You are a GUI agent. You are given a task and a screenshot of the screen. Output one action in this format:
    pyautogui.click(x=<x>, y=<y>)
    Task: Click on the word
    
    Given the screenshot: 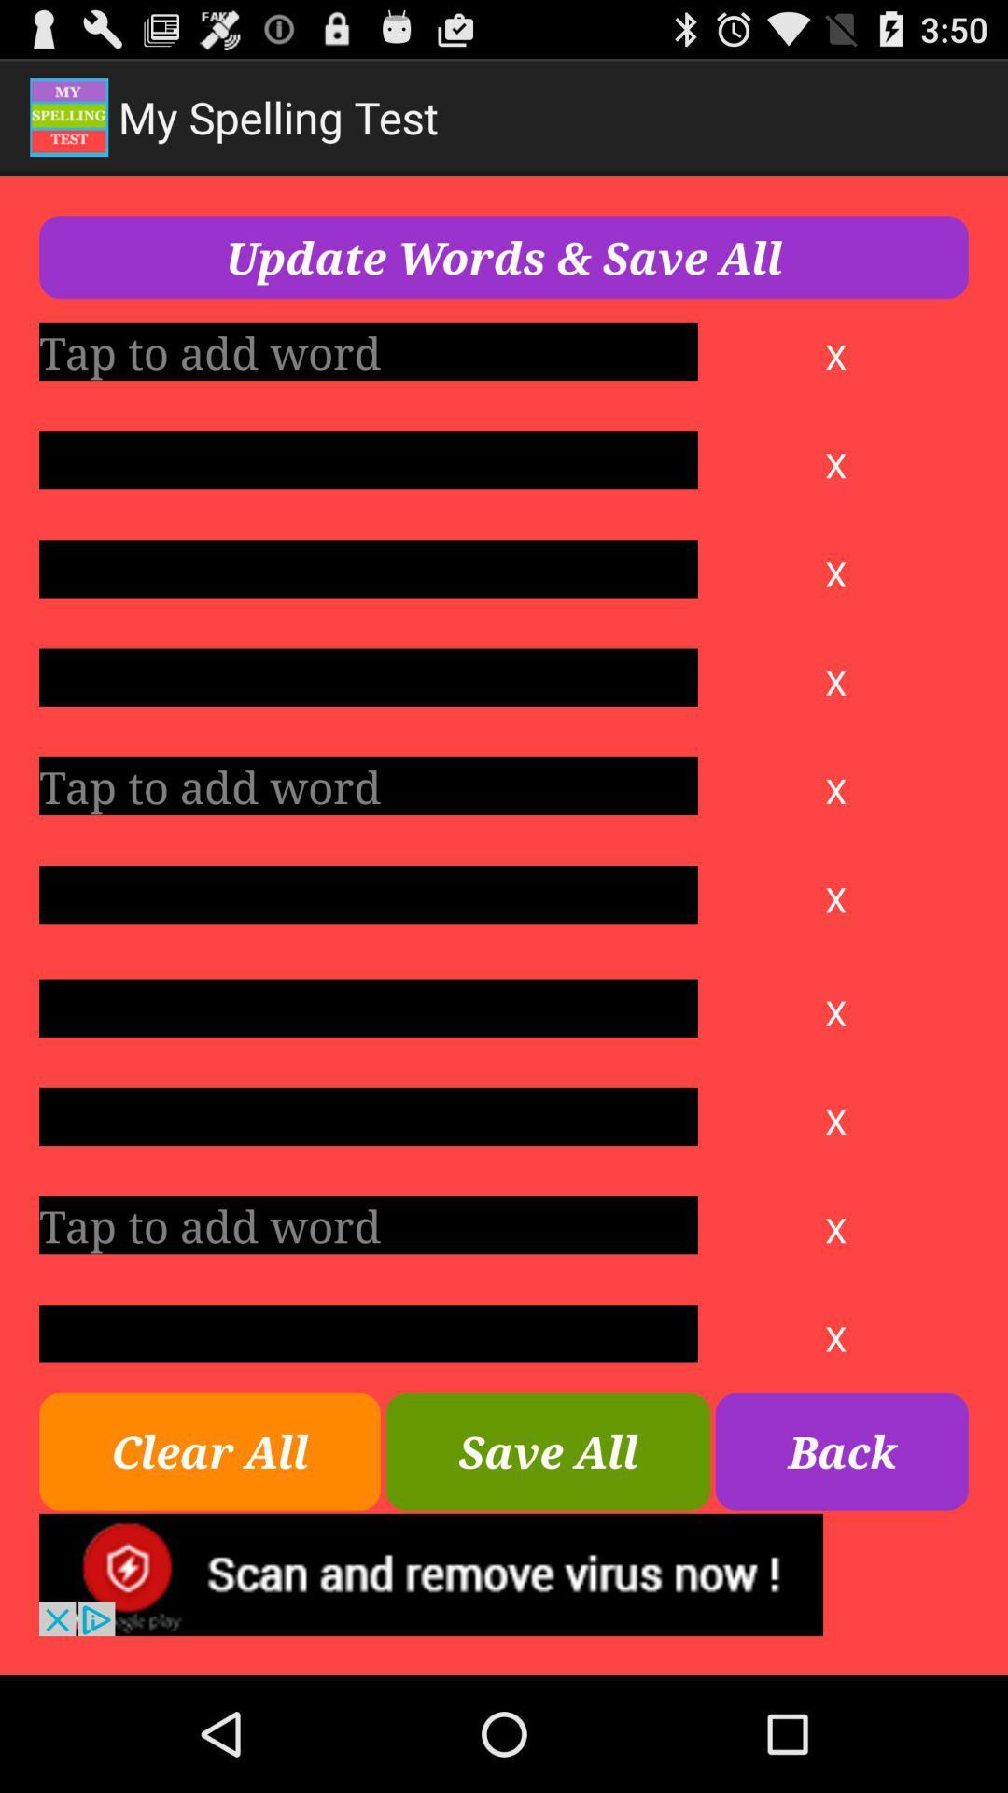 What is the action you would take?
    pyautogui.click(x=368, y=785)
    